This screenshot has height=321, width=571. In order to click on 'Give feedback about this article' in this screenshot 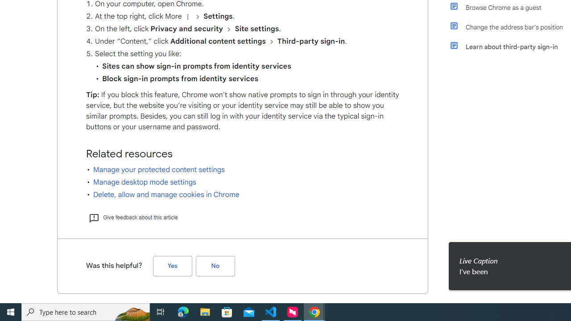, I will do `click(132, 217)`.